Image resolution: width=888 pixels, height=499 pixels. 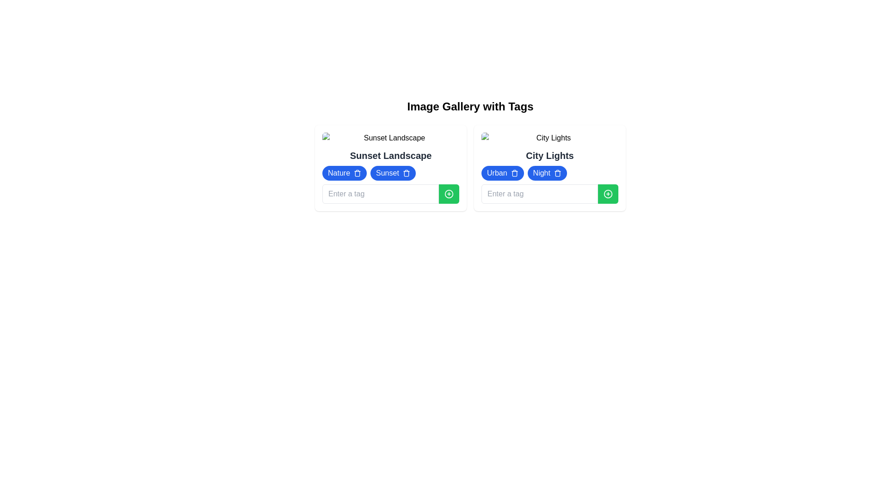 I want to click on the trash bin icon button located to the right of the blue 'Urban' tag in the 'City Lights' card, so click(x=514, y=173).